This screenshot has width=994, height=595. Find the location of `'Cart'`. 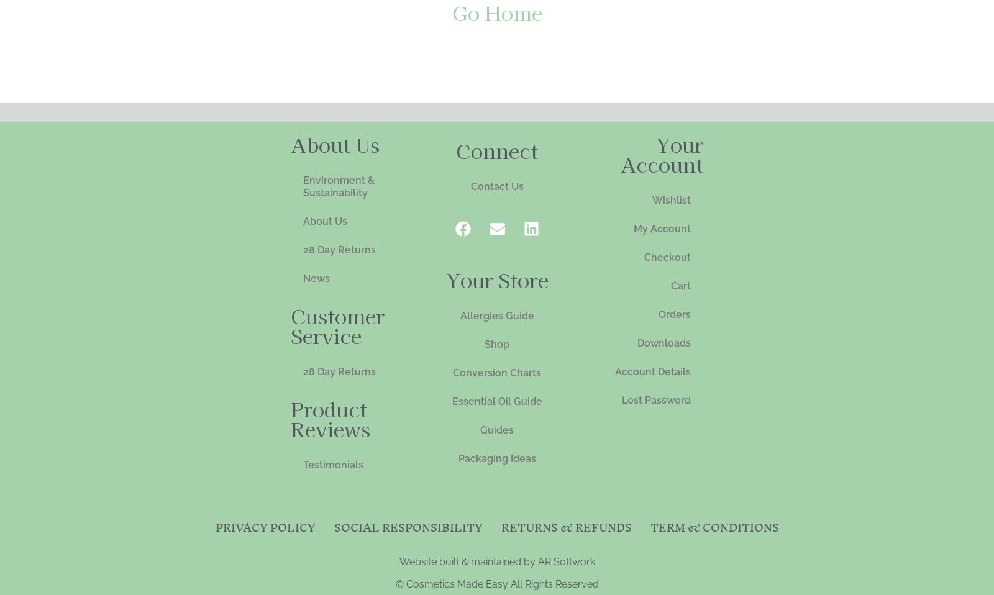

'Cart' is located at coordinates (681, 285).